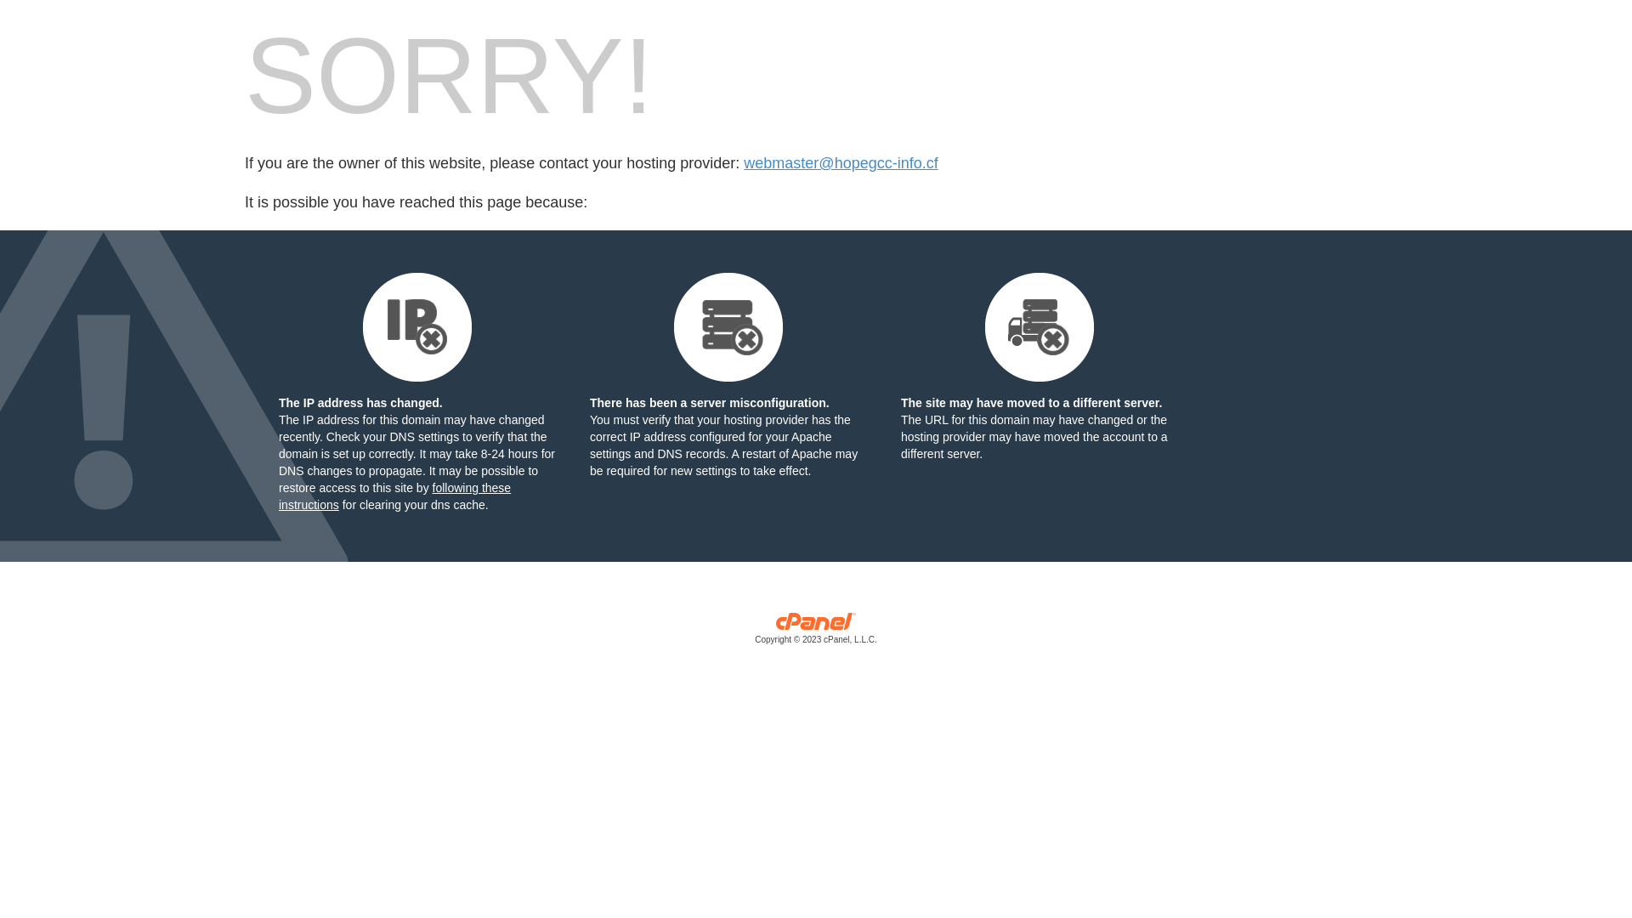 This screenshot has height=918, width=1632. What do you see at coordinates (394, 496) in the screenshot?
I see `'following these instructions'` at bounding box center [394, 496].